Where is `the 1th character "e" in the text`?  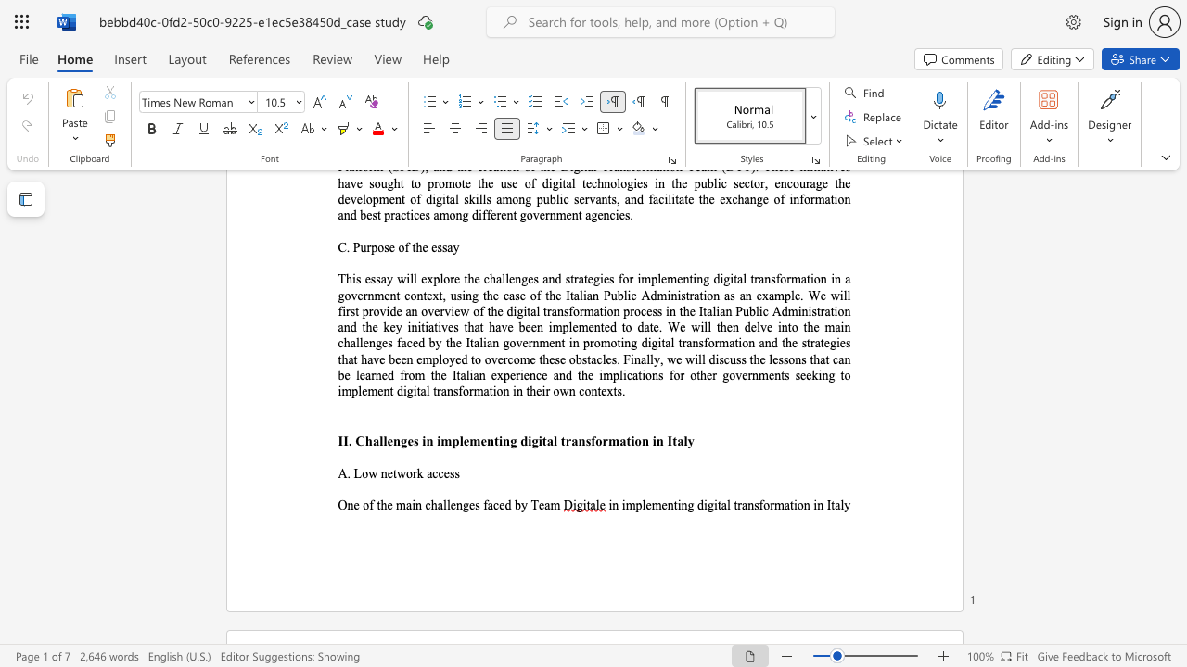 the 1th character "e" in the text is located at coordinates (356, 505).